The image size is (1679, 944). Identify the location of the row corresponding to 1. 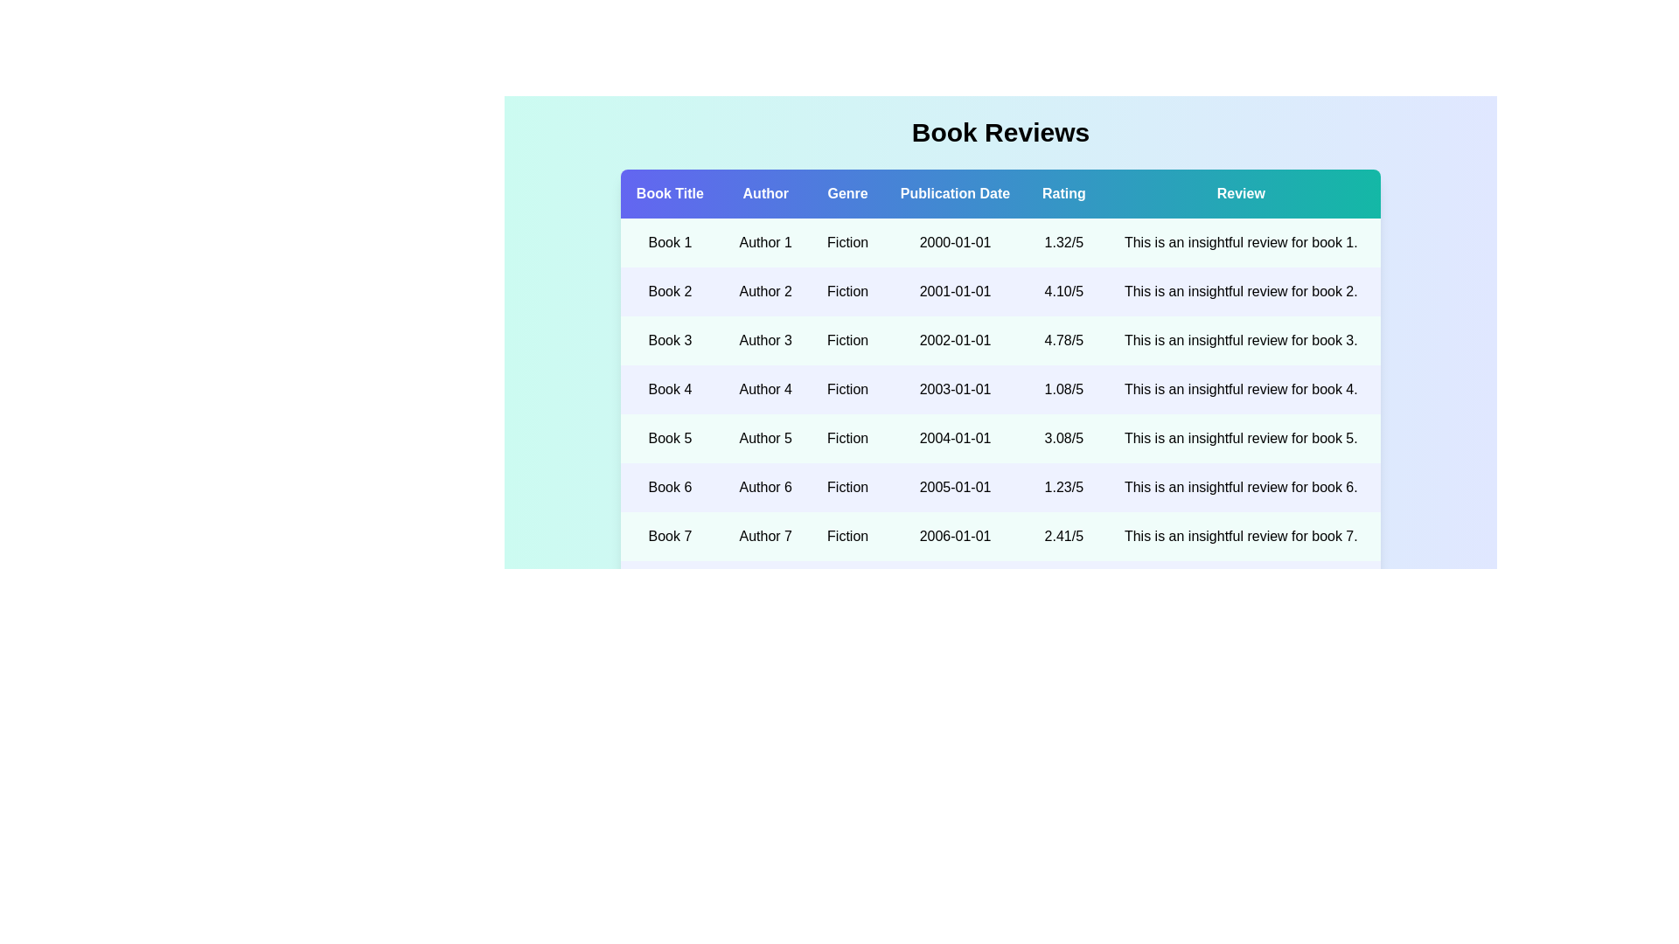
(1000, 242).